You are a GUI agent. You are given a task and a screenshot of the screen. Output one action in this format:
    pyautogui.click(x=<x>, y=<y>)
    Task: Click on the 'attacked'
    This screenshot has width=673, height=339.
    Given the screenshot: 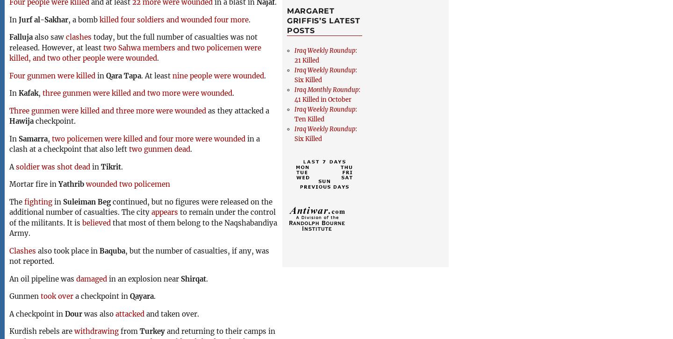 What is the action you would take?
    pyautogui.click(x=129, y=313)
    